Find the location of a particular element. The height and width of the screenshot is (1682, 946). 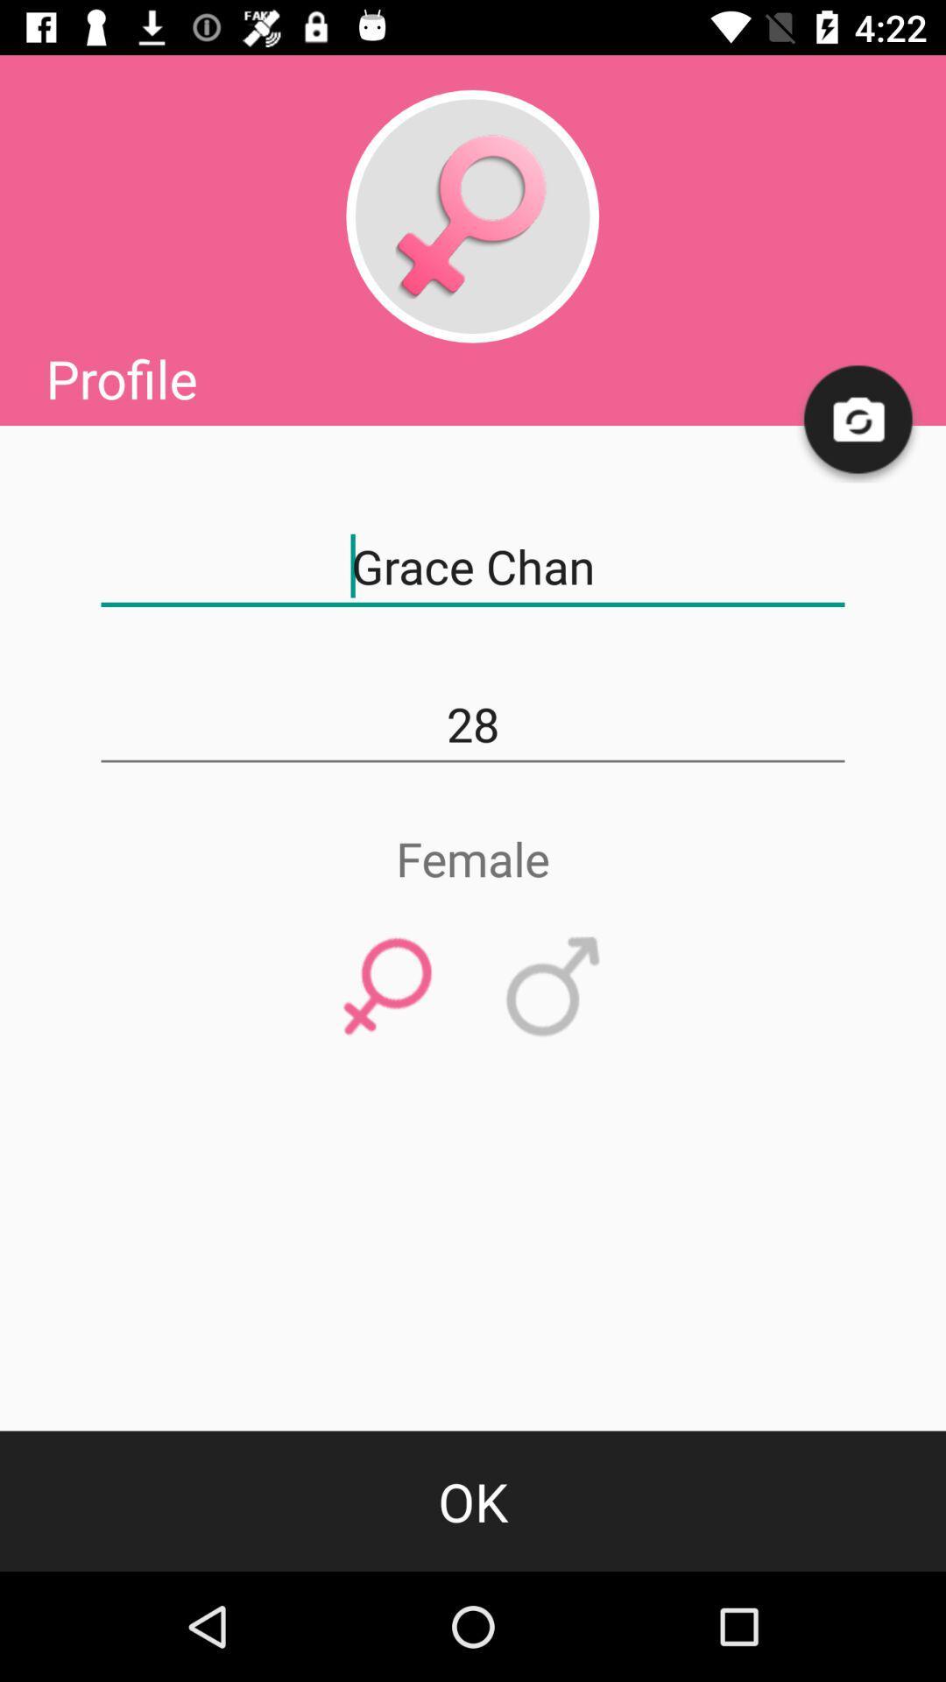

the icon above the ok item is located at coordinates (387, 987).